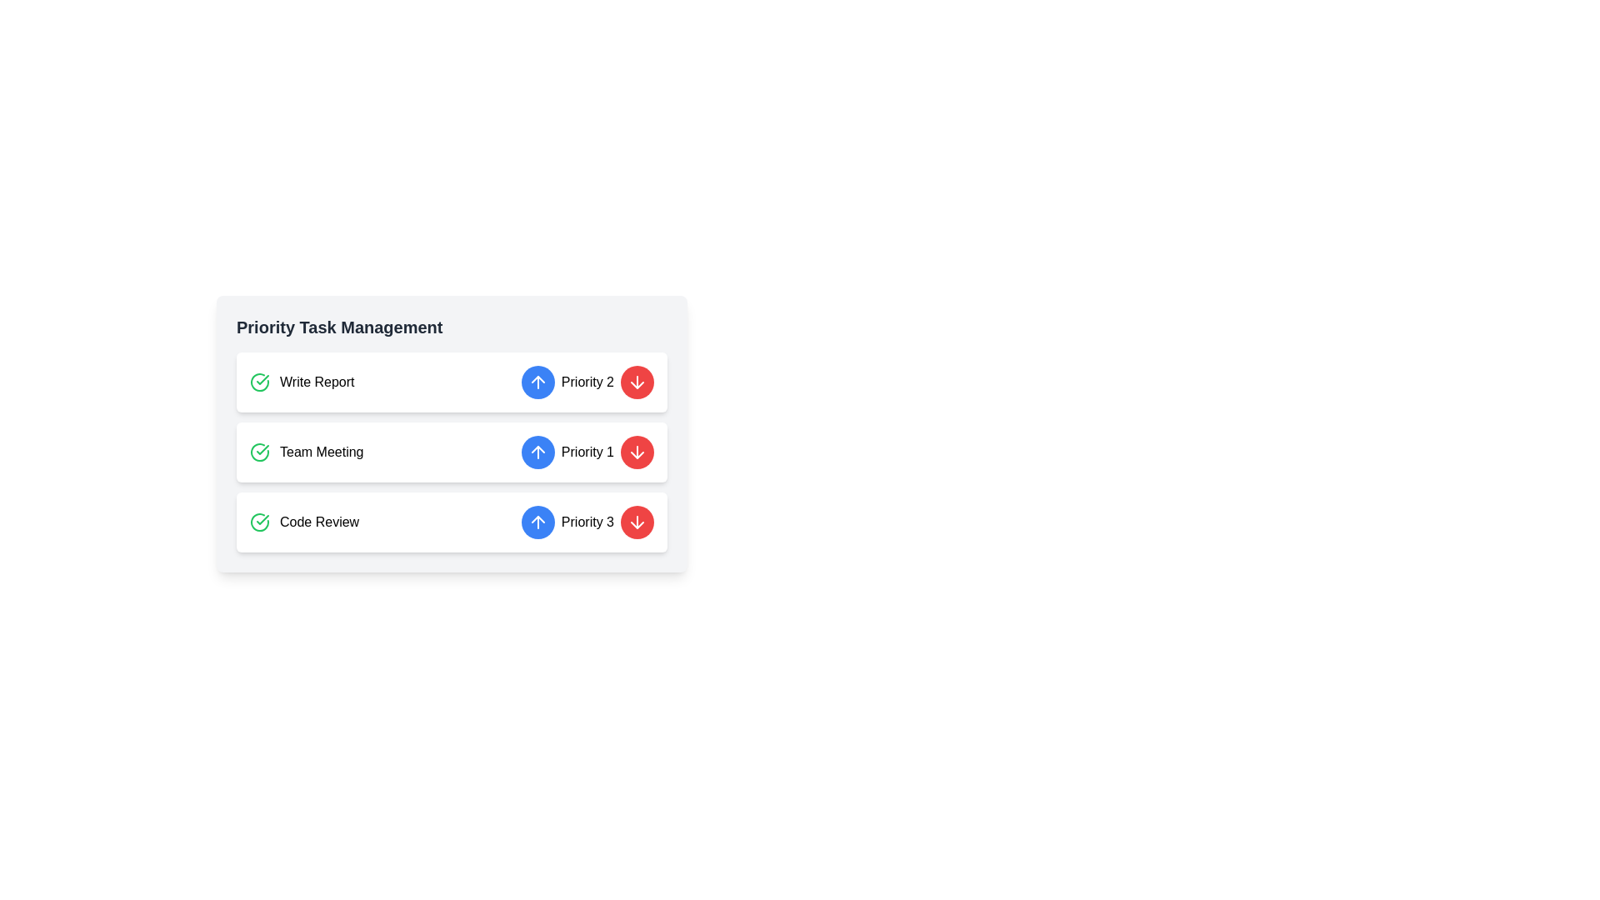 Image resolution: width=1600 pixels, height=900 pixels. Describe the element at coordinates (587, 382) in the screenshot. I see `the text label displaying 'Priority 2', which is located in the second row of a task management list, between a blue button and a red button` at that location.